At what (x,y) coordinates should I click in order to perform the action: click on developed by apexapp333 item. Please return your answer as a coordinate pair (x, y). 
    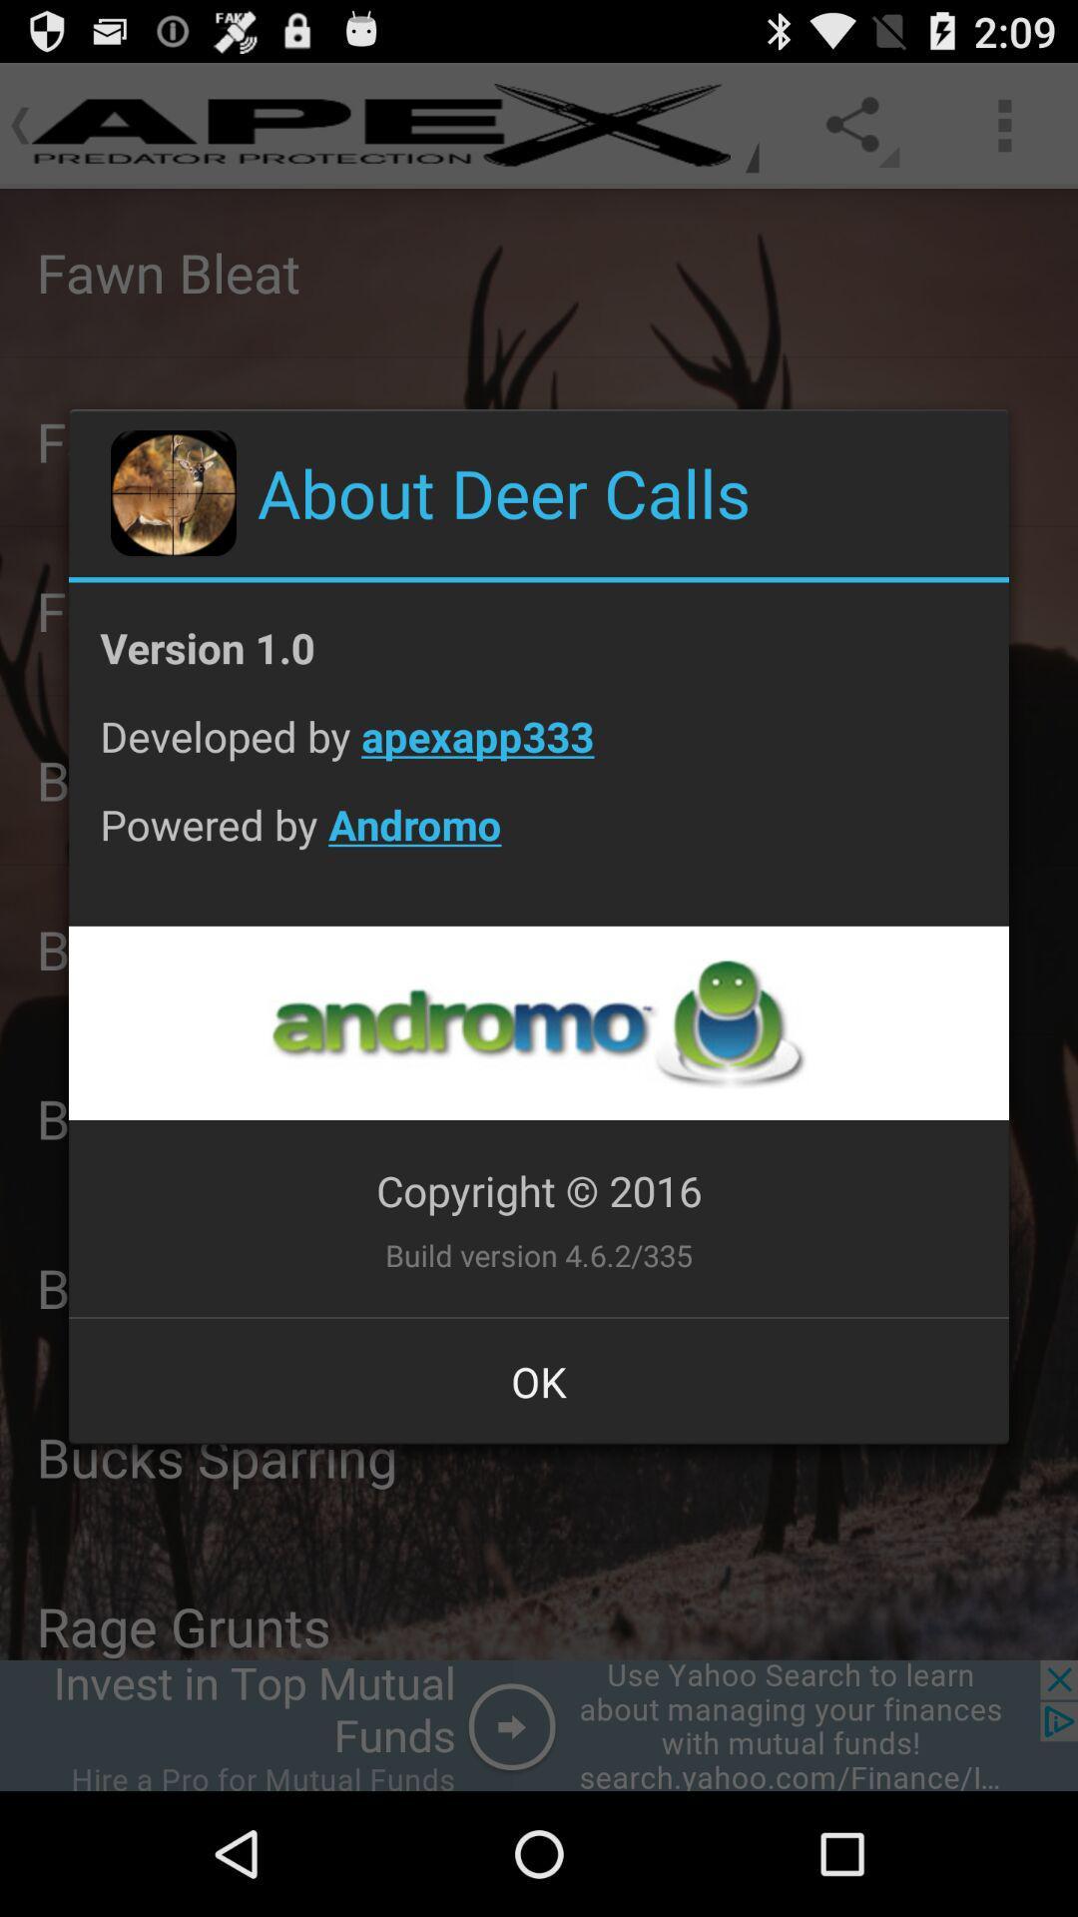
    Looking at the image, I should click on (539, 751).